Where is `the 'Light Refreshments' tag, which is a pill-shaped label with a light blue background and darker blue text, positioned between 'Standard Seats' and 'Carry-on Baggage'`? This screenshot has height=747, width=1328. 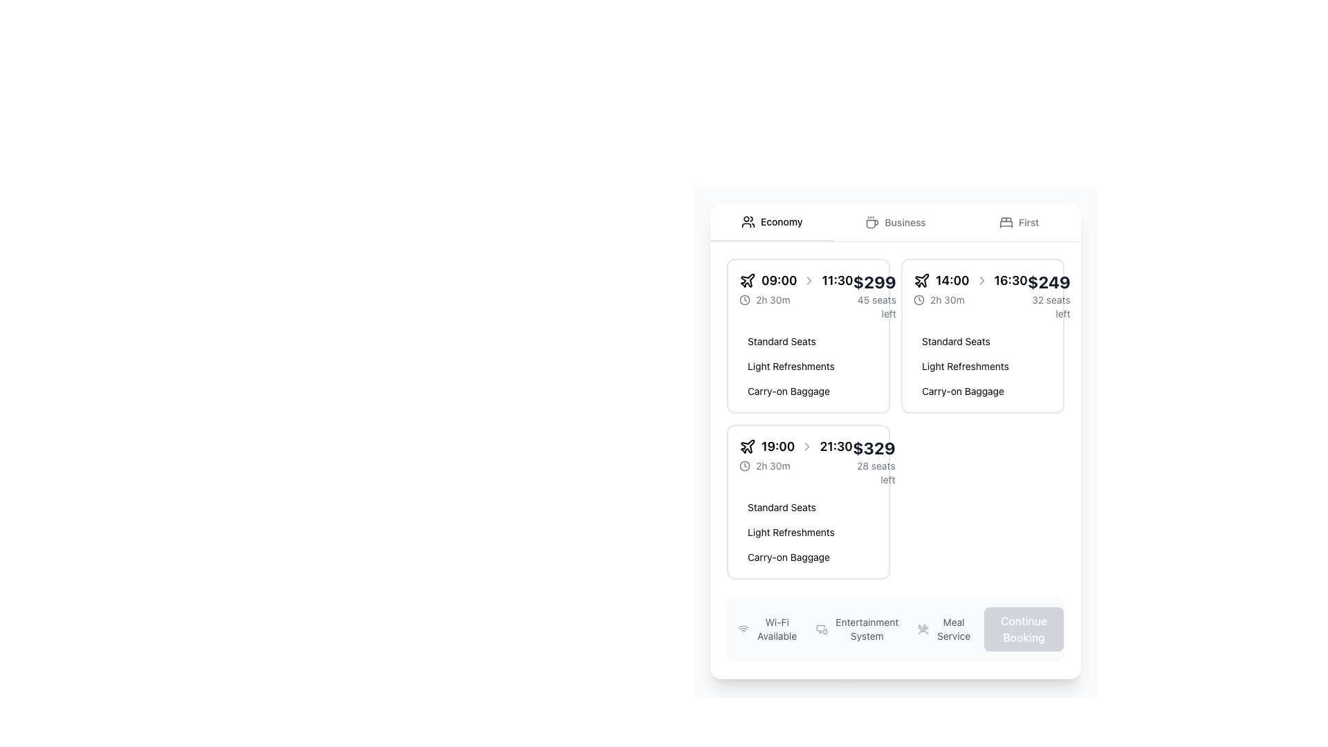
the 'Light Refreshments' tag, which is a pill-shaped label with a light blue background and darker blue text, positioned between 'Standard Seats' and 'Carry-on Baggage' is located at coordinates (791, 365).